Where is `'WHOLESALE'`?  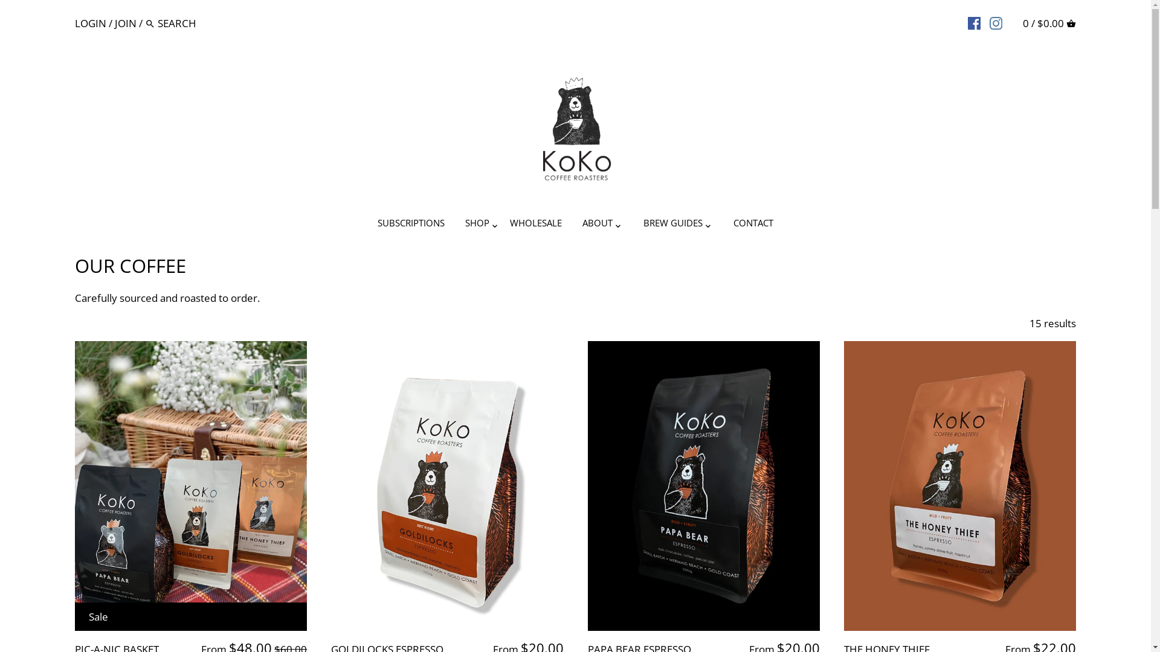 'WHOLESALE' is located at coordinates (535, 225).